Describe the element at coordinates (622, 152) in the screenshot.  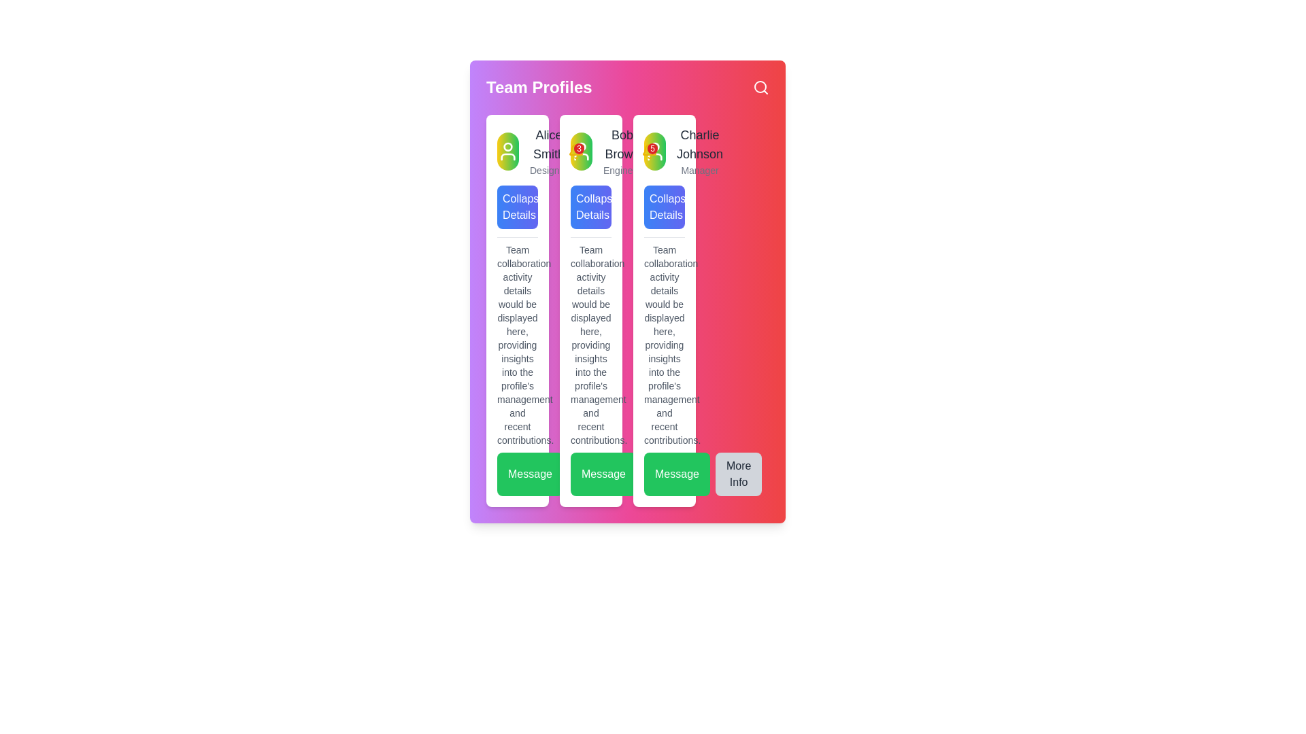
I see `the Text label that displays the name and designation of a team member, located in the second column of the team profiles, below the user avatar icon and above the 'Collapse Details' button` at that location.